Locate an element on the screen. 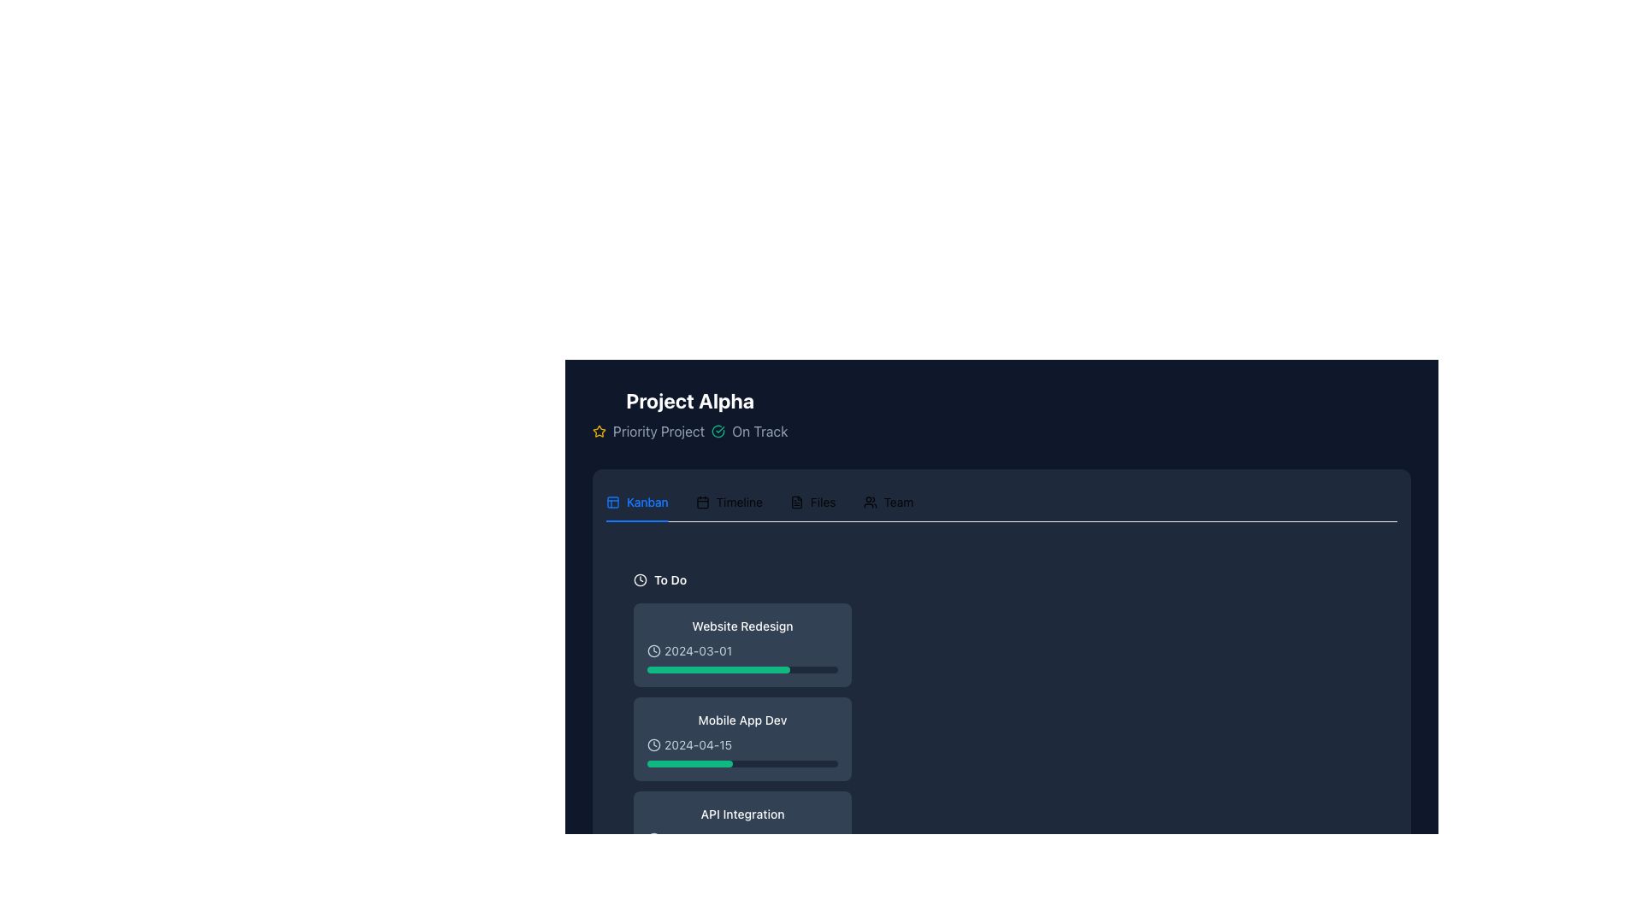  the 'Kanban' tab button, which is the first tab item located under the header 'Project Alpha' is located at coordinates (636, 501).